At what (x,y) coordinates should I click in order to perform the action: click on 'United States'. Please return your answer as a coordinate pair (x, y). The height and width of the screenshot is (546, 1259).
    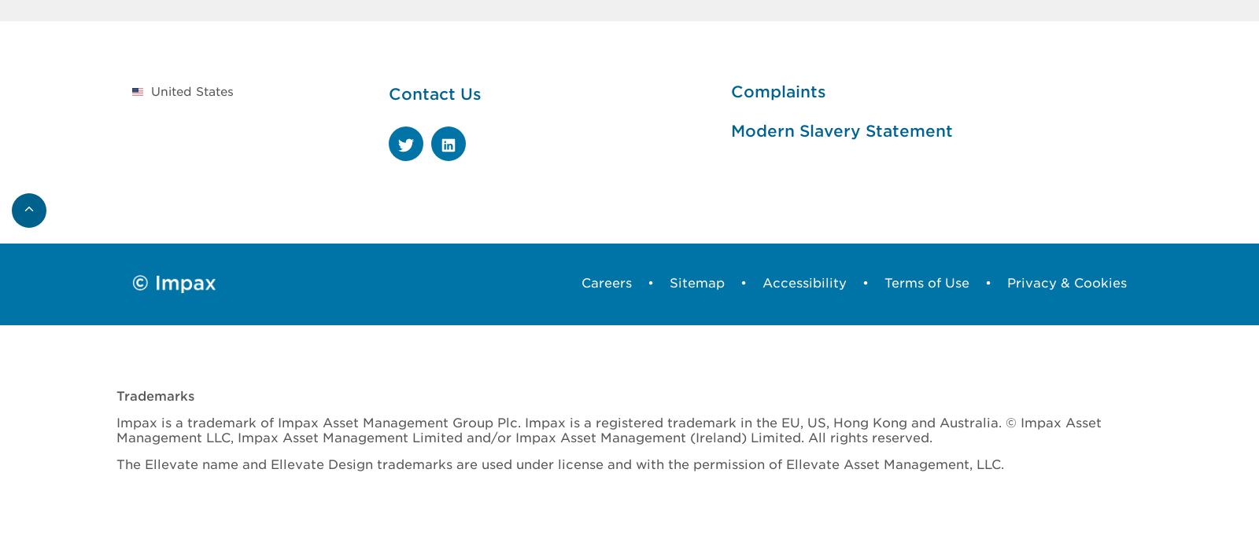
    Looking at the image, I should click on (192, 90).